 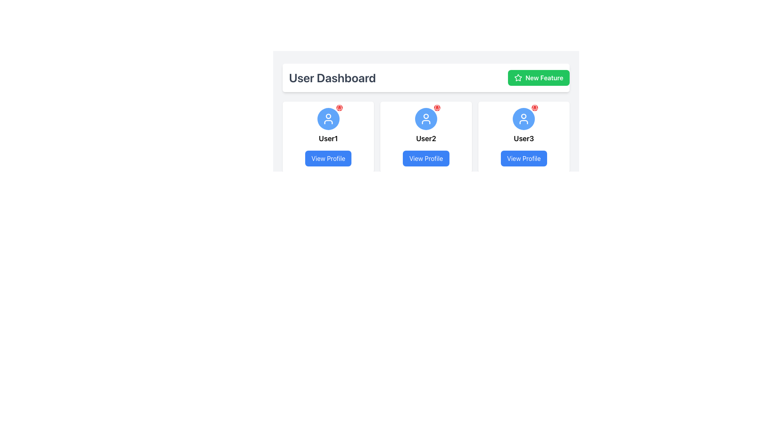 What do you see at coordinates (524, 159) in the screenshot?
I see `the 'View Profile' button, which is a vibrant blue rectangular button with rounded edges located at the bottom-center of the 'User3' card` at bounding box center [524, 159].